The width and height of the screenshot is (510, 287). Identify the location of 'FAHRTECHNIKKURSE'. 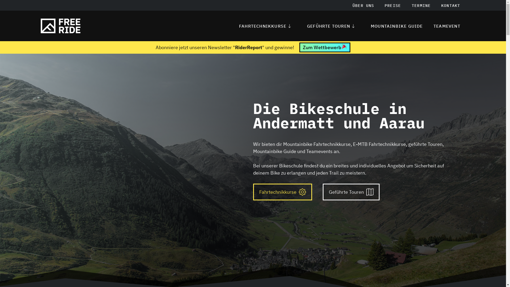
(233, 26).